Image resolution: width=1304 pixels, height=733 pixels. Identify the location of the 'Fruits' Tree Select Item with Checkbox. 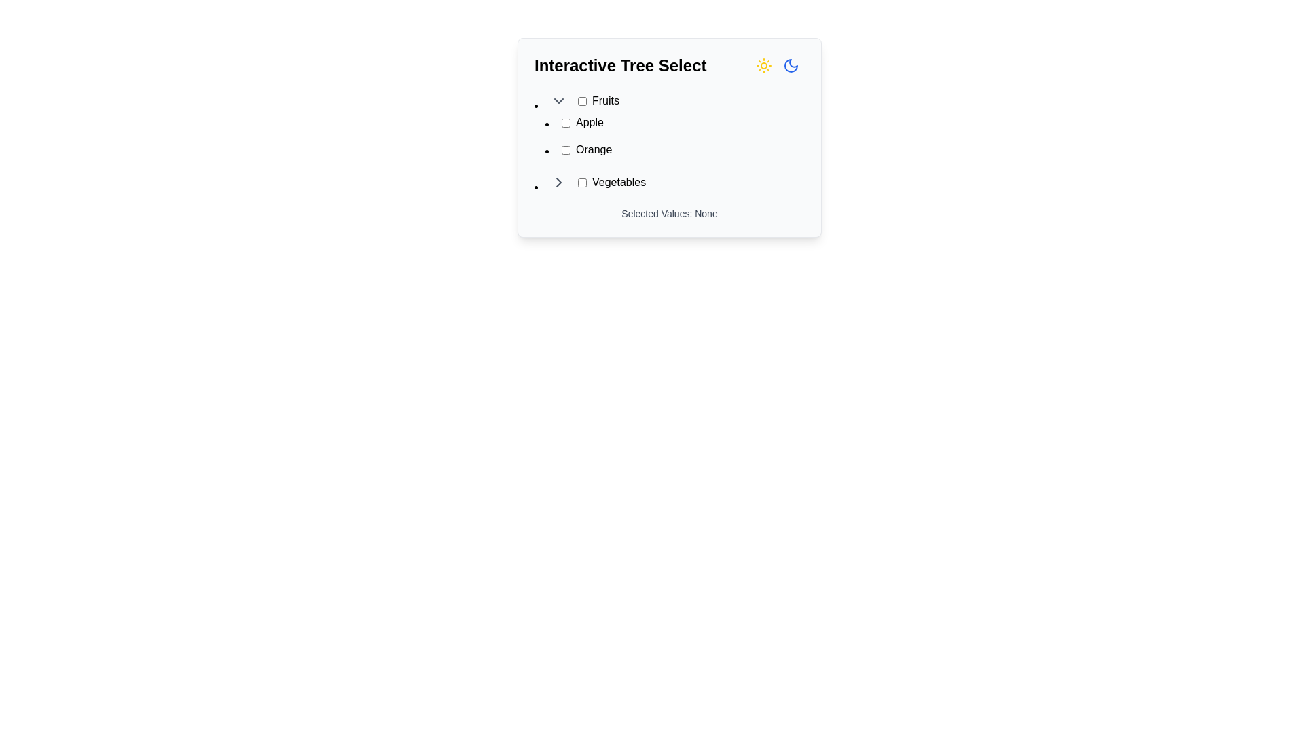
(669, 100).